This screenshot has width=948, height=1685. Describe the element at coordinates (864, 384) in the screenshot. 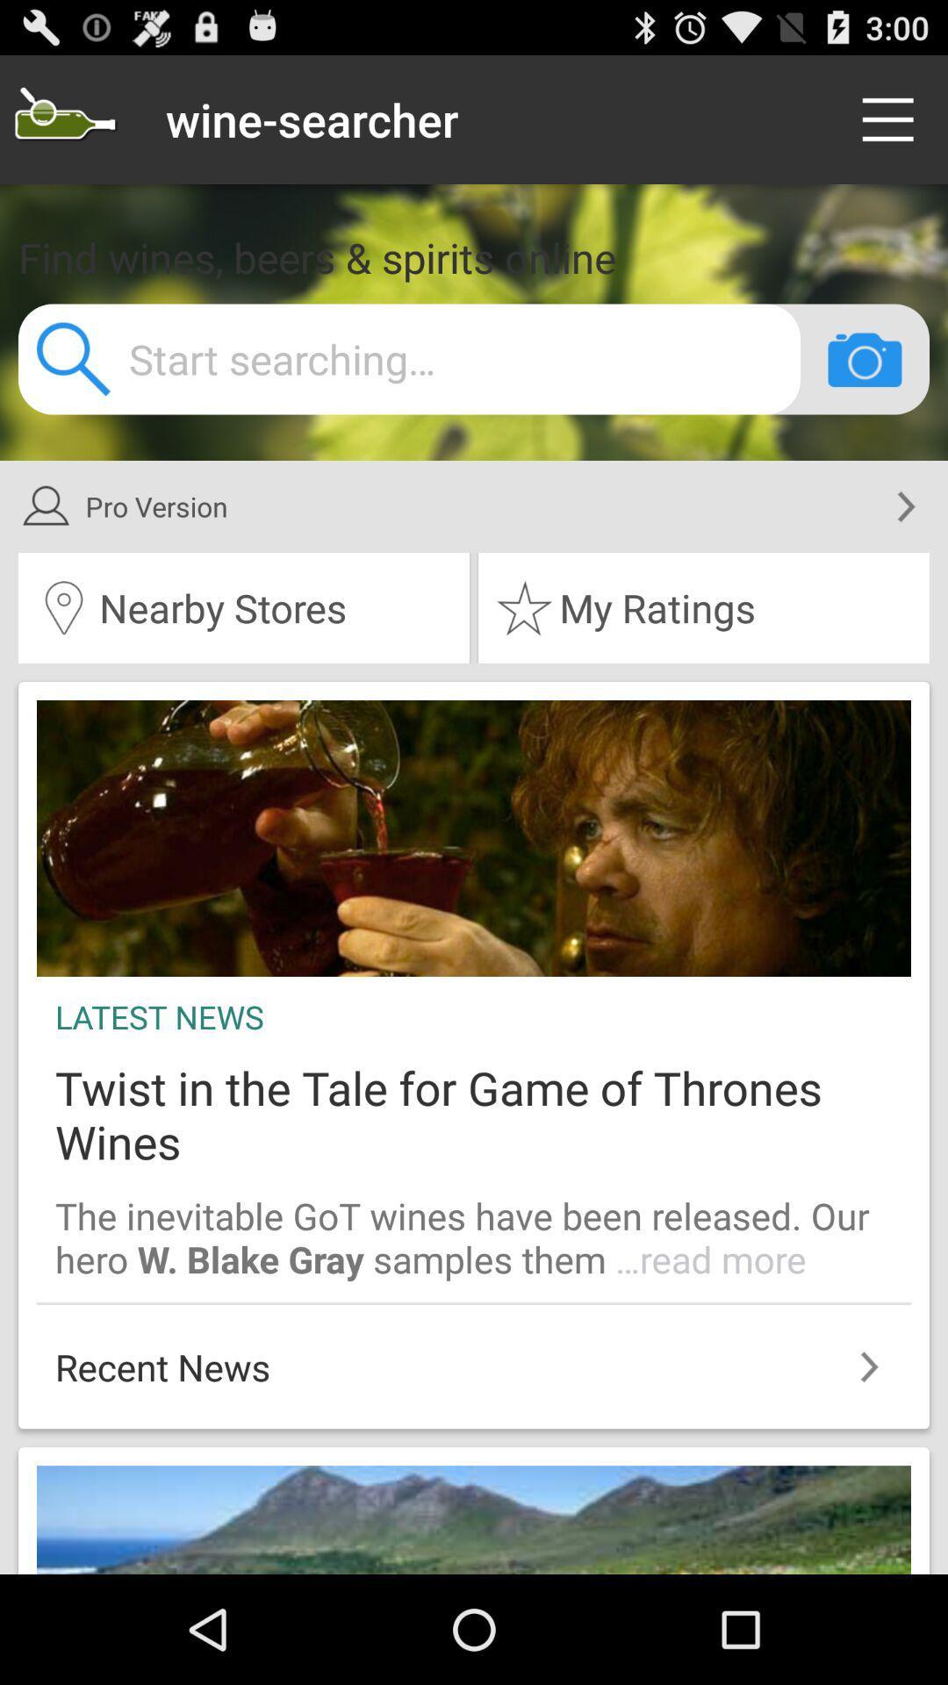

I see `the photo icon` at that location.